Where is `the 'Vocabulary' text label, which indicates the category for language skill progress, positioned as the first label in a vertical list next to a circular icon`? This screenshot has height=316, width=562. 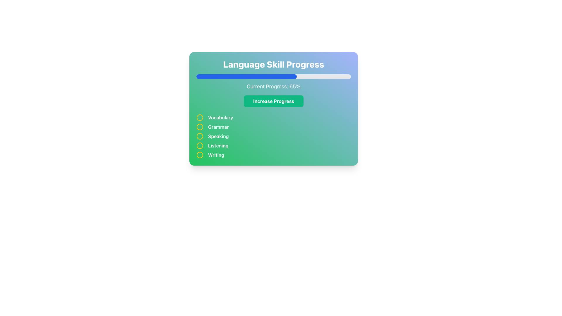
the 'Vocabulary' text label, which indicates the category for language skill progress, positioned as the first label in a vertical list next to a circular icon is located at coordinates (220, 117).